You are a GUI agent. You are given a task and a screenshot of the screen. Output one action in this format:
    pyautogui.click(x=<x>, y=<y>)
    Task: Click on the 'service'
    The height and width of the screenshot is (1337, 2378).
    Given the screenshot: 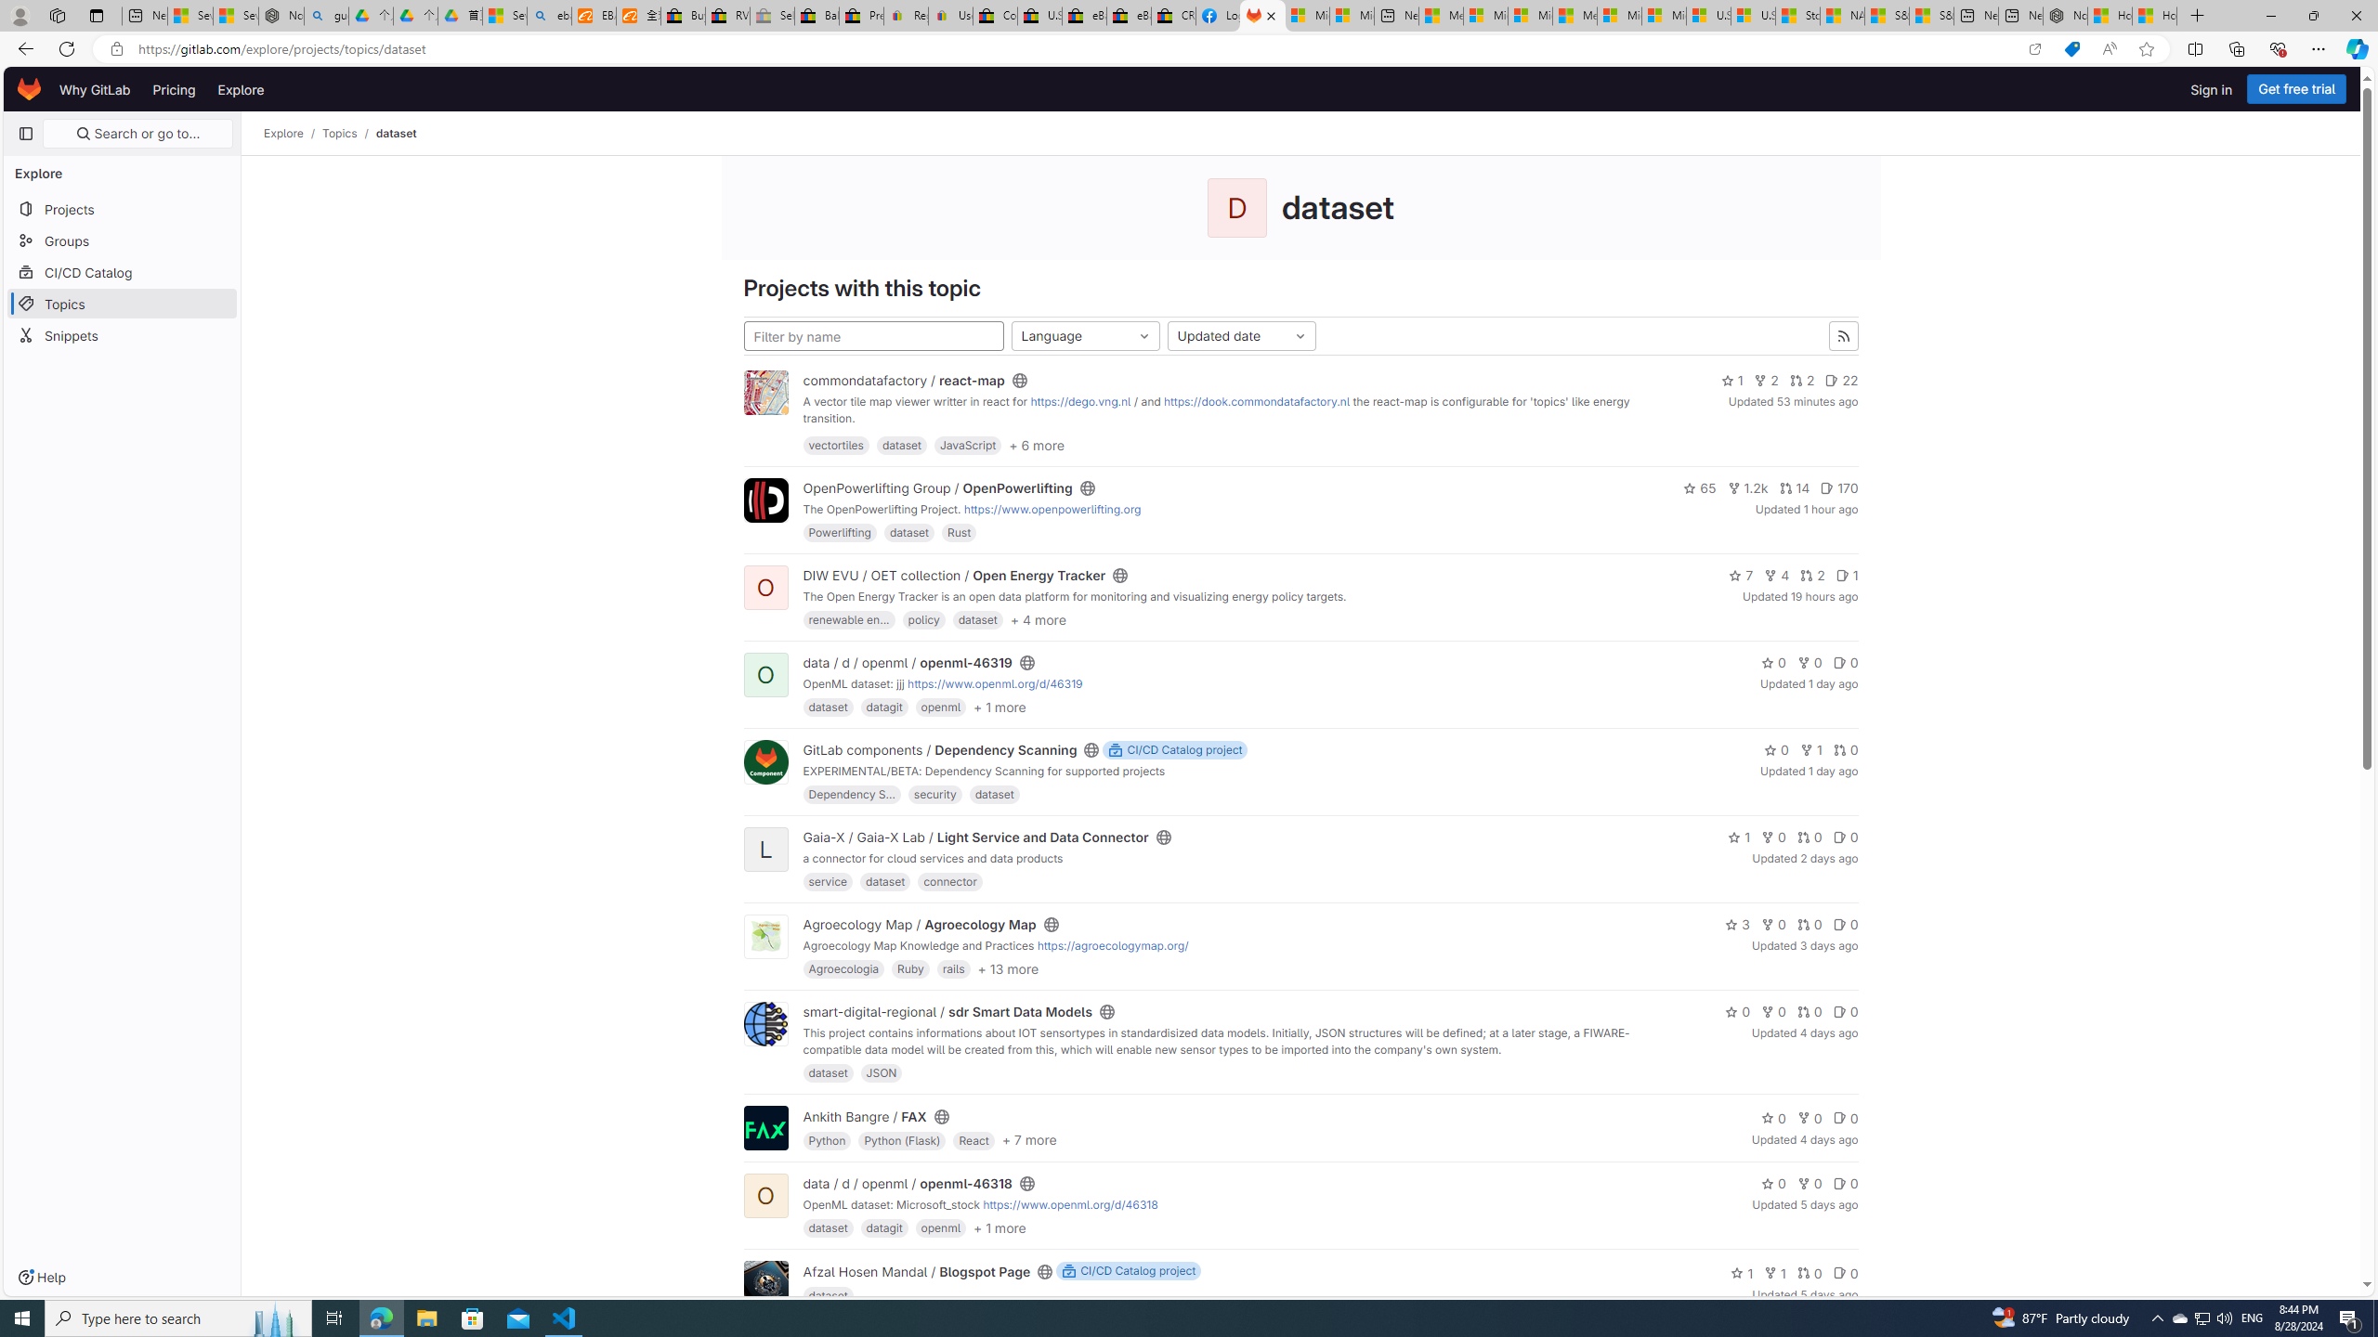 What is the action you would take?
    pyautogui.click(x=829, y=881)
    